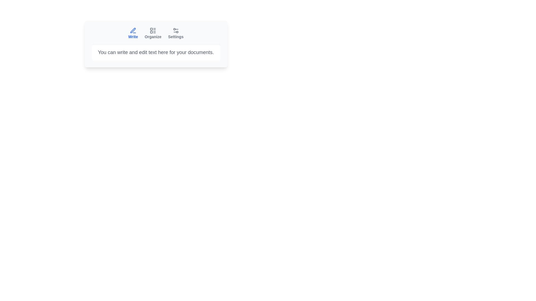 The height and width of the screenshot is (301, 536). What do you see at coordinates (175, 33) in the screenshot?
I see `the tab button labeled Settings` at bounding box center [175, 33].